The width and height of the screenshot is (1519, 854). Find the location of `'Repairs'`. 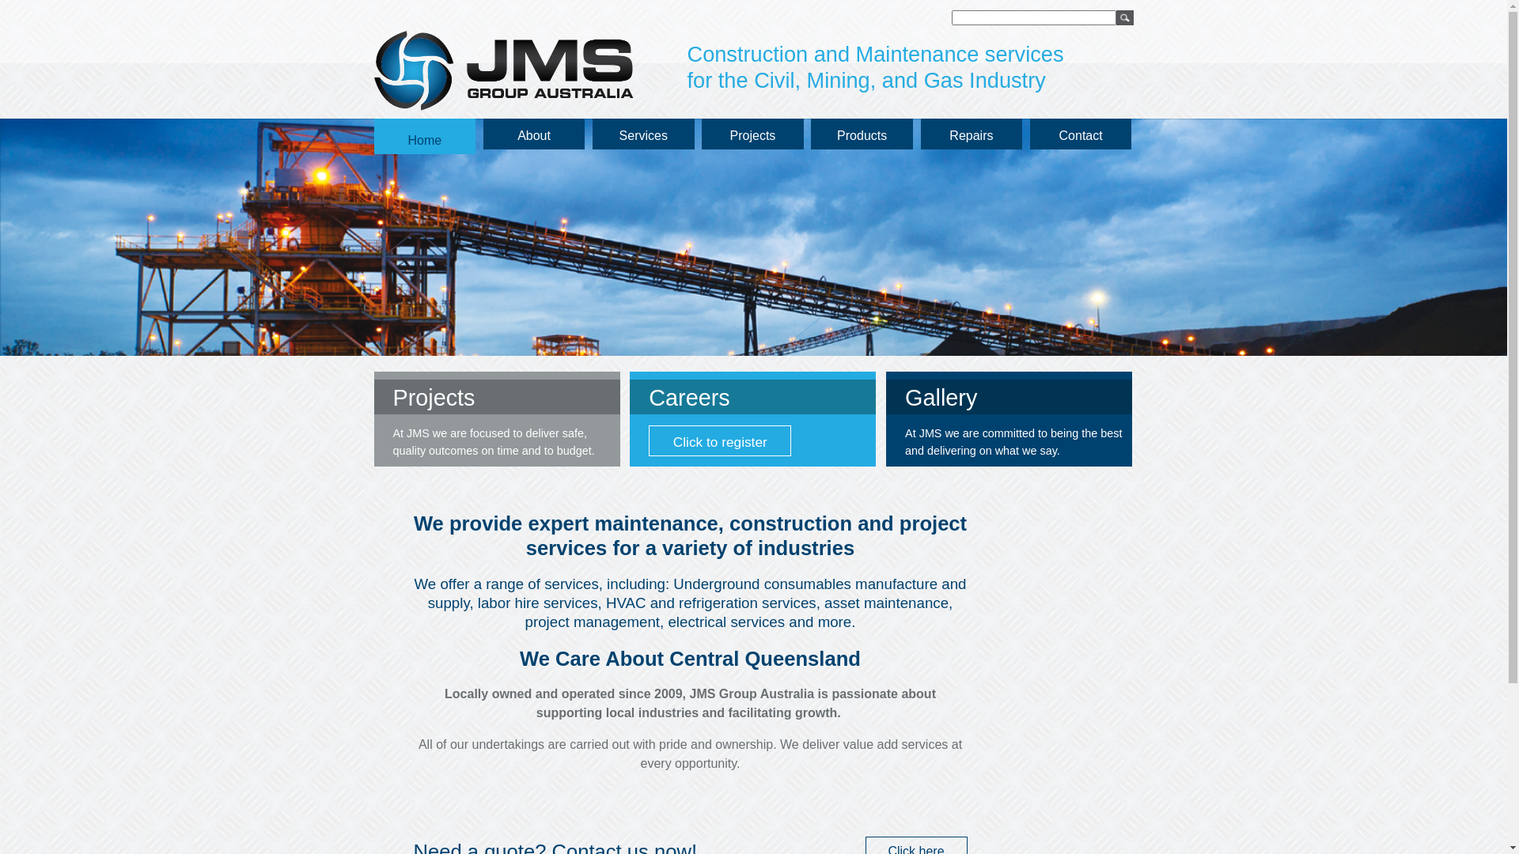

'Repairs' is located at coordinates (971, 133).